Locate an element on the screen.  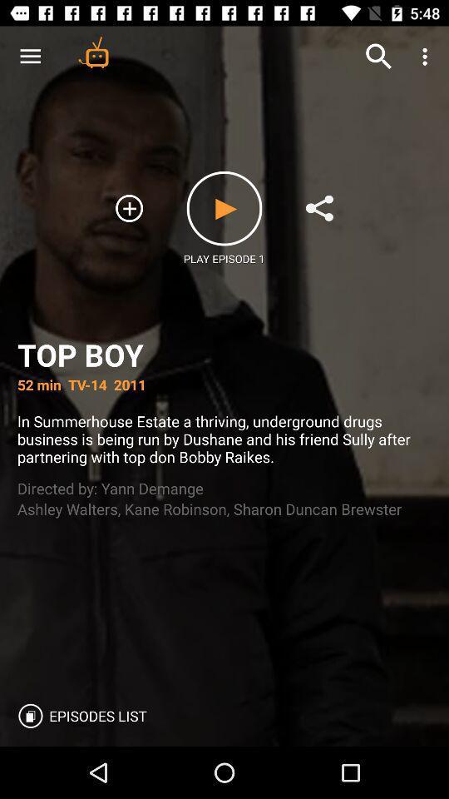
episode is located at coordinates (224, 207).